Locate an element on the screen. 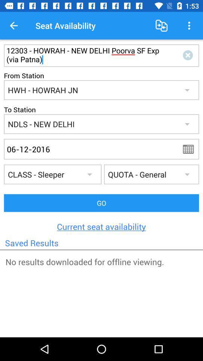 This screenshot has width=203, height=361. the item above the go item is located at coordinates (191, 149).